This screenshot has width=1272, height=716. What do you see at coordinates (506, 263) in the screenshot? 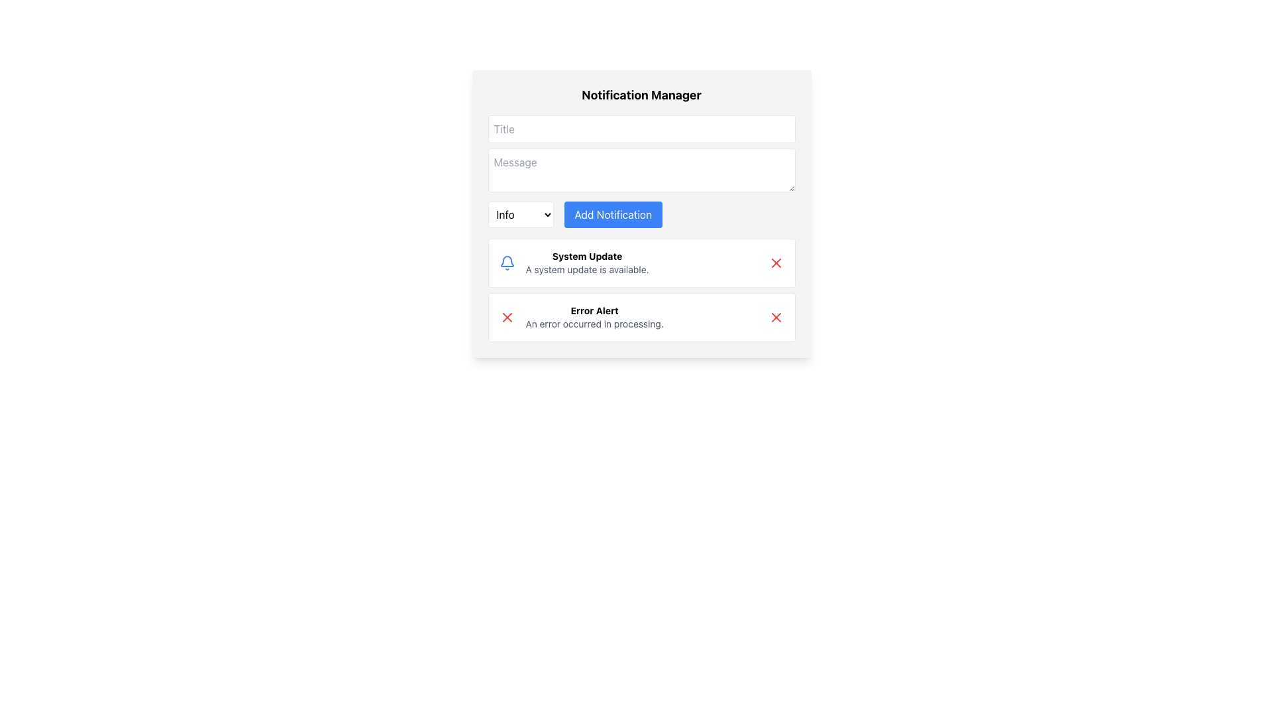
I see `the bell-shaped icon located to the left of the 'System Update' text within the first notification entry in the notification card` at bounding box center [506, 263].